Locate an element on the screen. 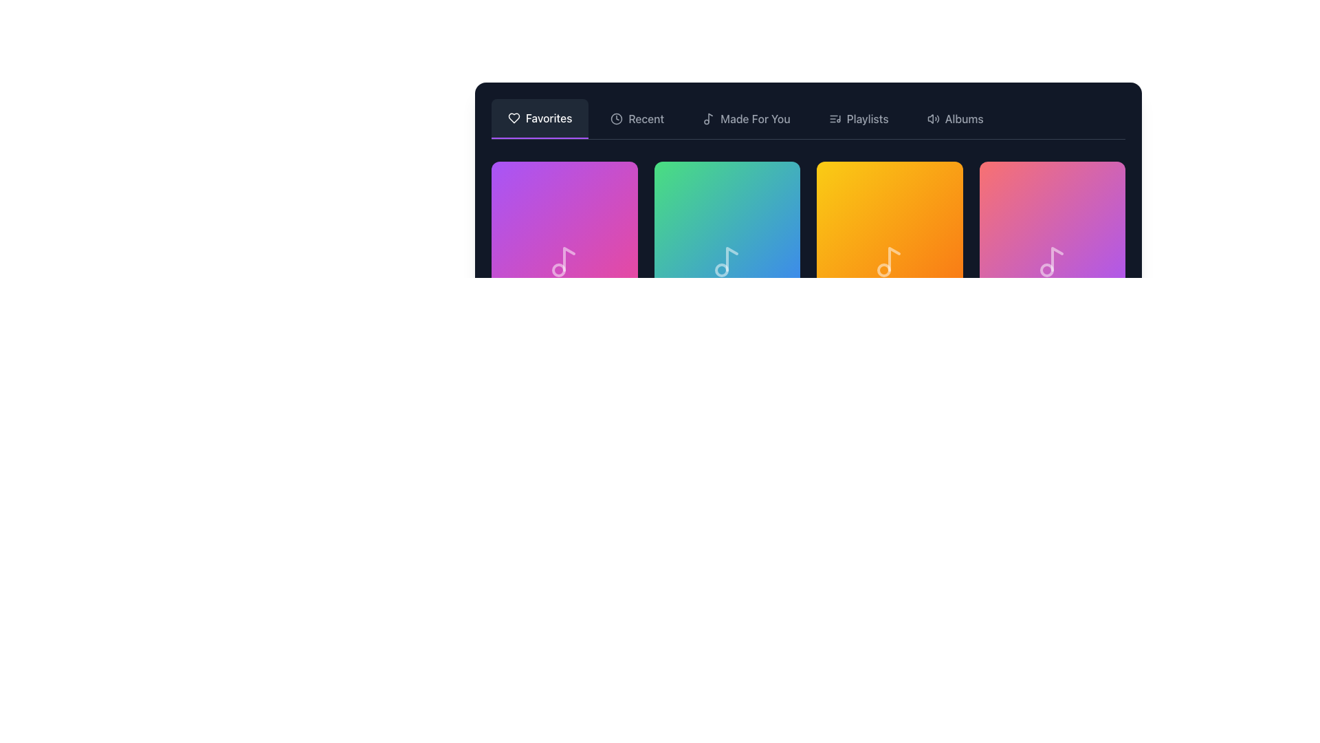  the second tab button in the horizontal navigation bar, which is intended for displaying recent activities, located between the 'Favorites' and 'Made For You' buttons is located at coordinates (637, 118).